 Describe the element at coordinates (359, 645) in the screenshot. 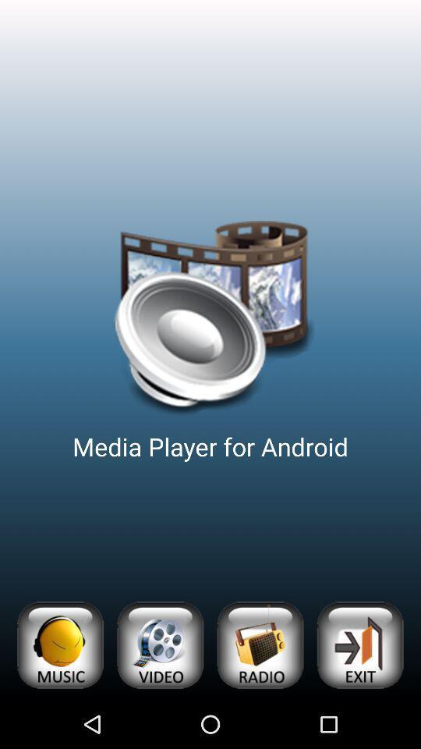

I see `exit app` at that location.